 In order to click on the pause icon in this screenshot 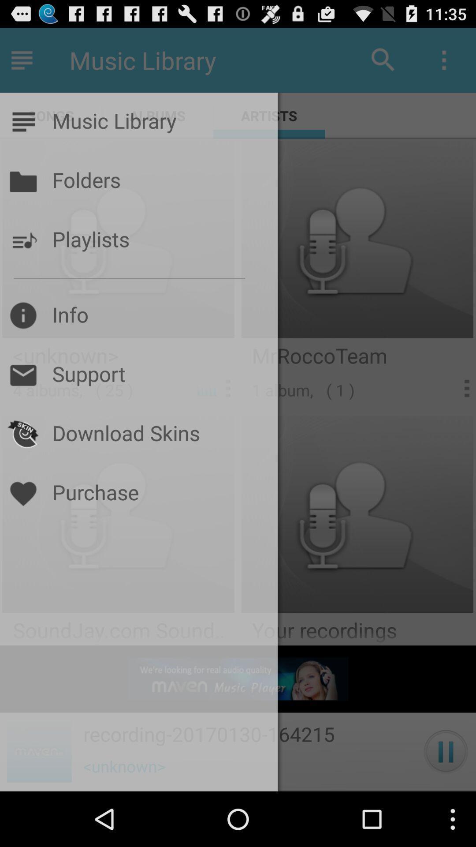, I will do `click(446, 805)`.